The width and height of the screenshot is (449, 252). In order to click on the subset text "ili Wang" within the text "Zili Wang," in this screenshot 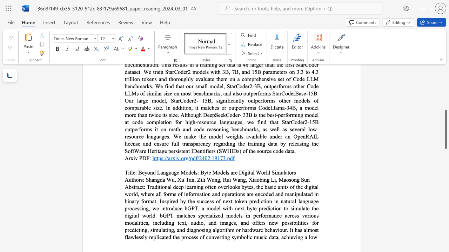, I will do `click(200, 179)`.